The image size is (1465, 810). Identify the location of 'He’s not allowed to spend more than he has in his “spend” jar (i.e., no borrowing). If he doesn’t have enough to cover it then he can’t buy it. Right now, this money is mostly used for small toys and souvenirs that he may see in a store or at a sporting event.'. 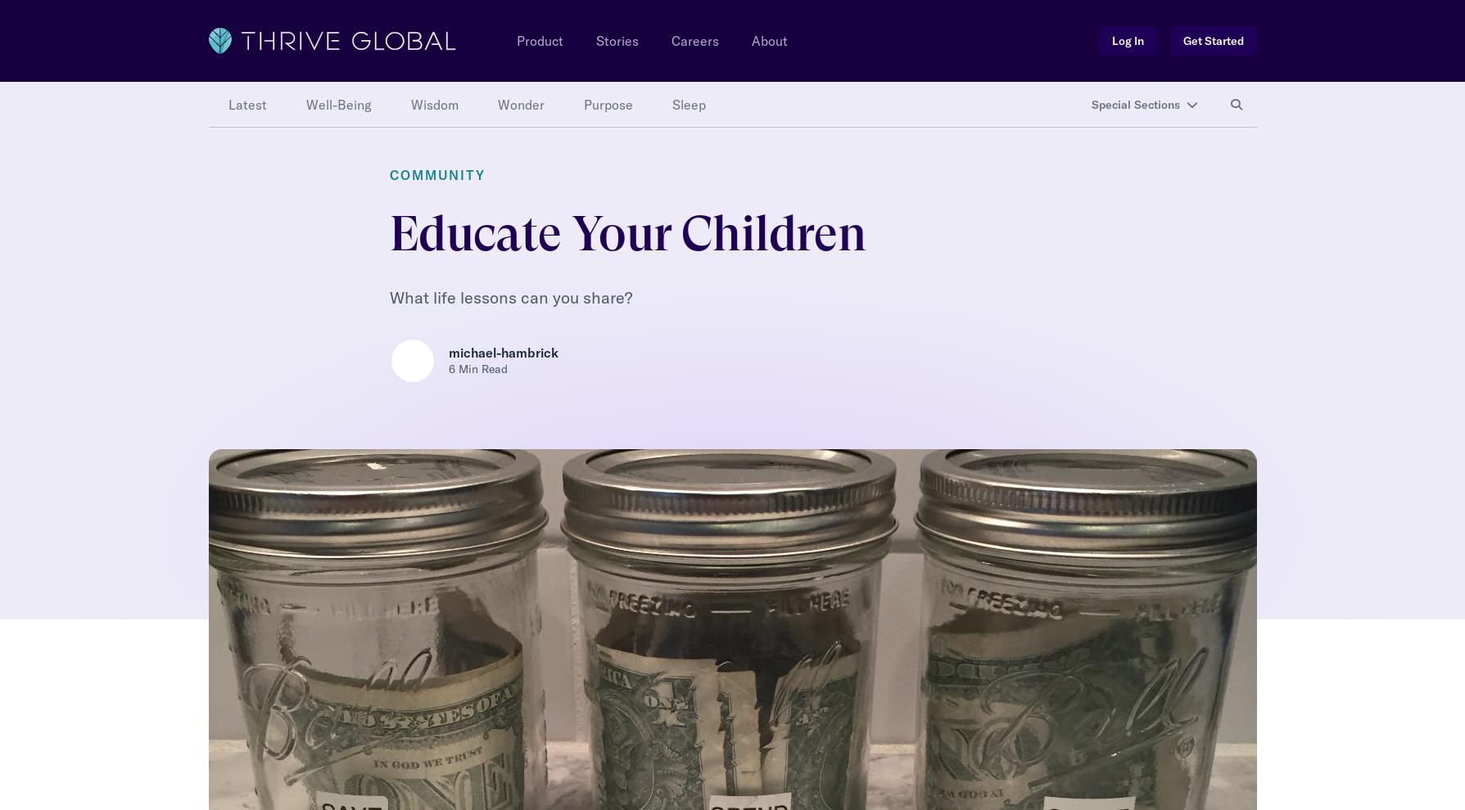
(727, 298).